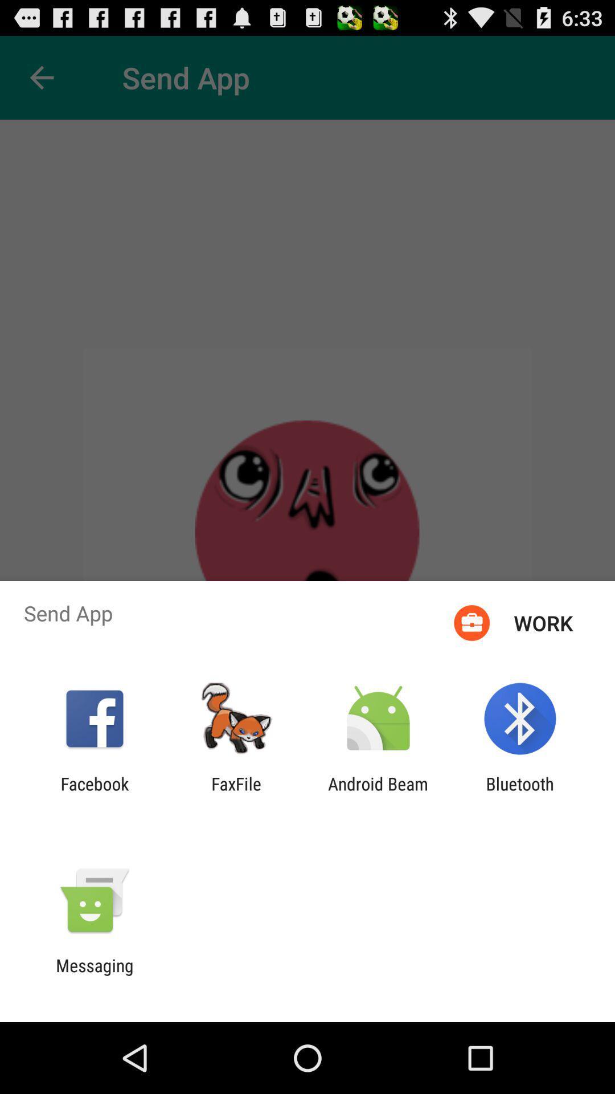 The image size is (615, 1094). I want to click on the bluetooth app, so click(520, 793).